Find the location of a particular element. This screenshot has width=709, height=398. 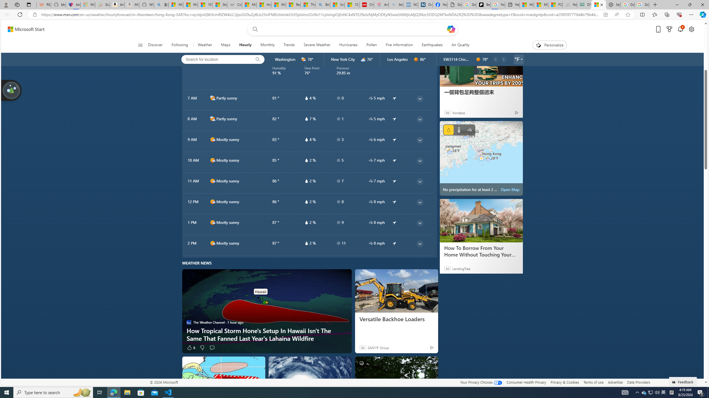

'No precipitation for at least 2 hours' is located at coordinates (481, 158).